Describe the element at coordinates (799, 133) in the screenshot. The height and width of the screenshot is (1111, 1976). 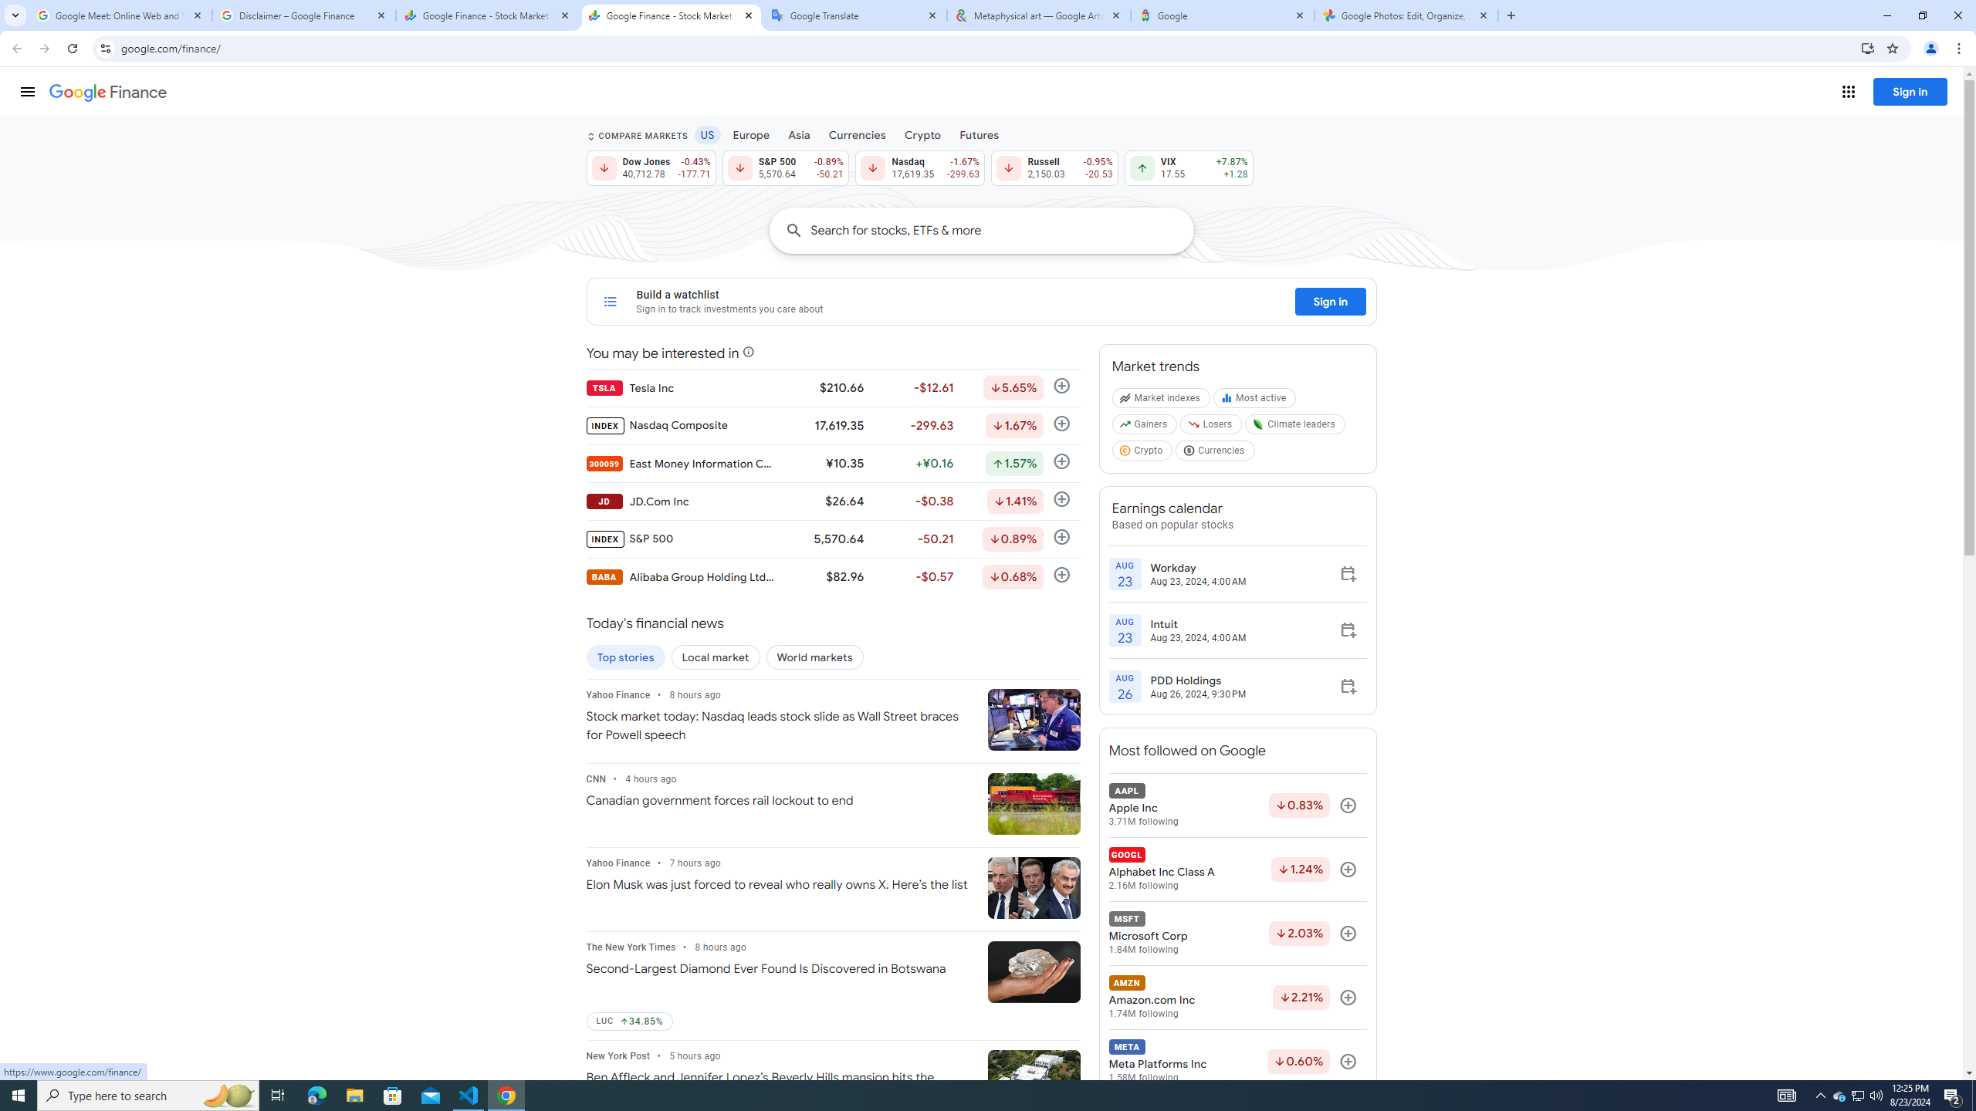
I see `'Asia'` at that location.